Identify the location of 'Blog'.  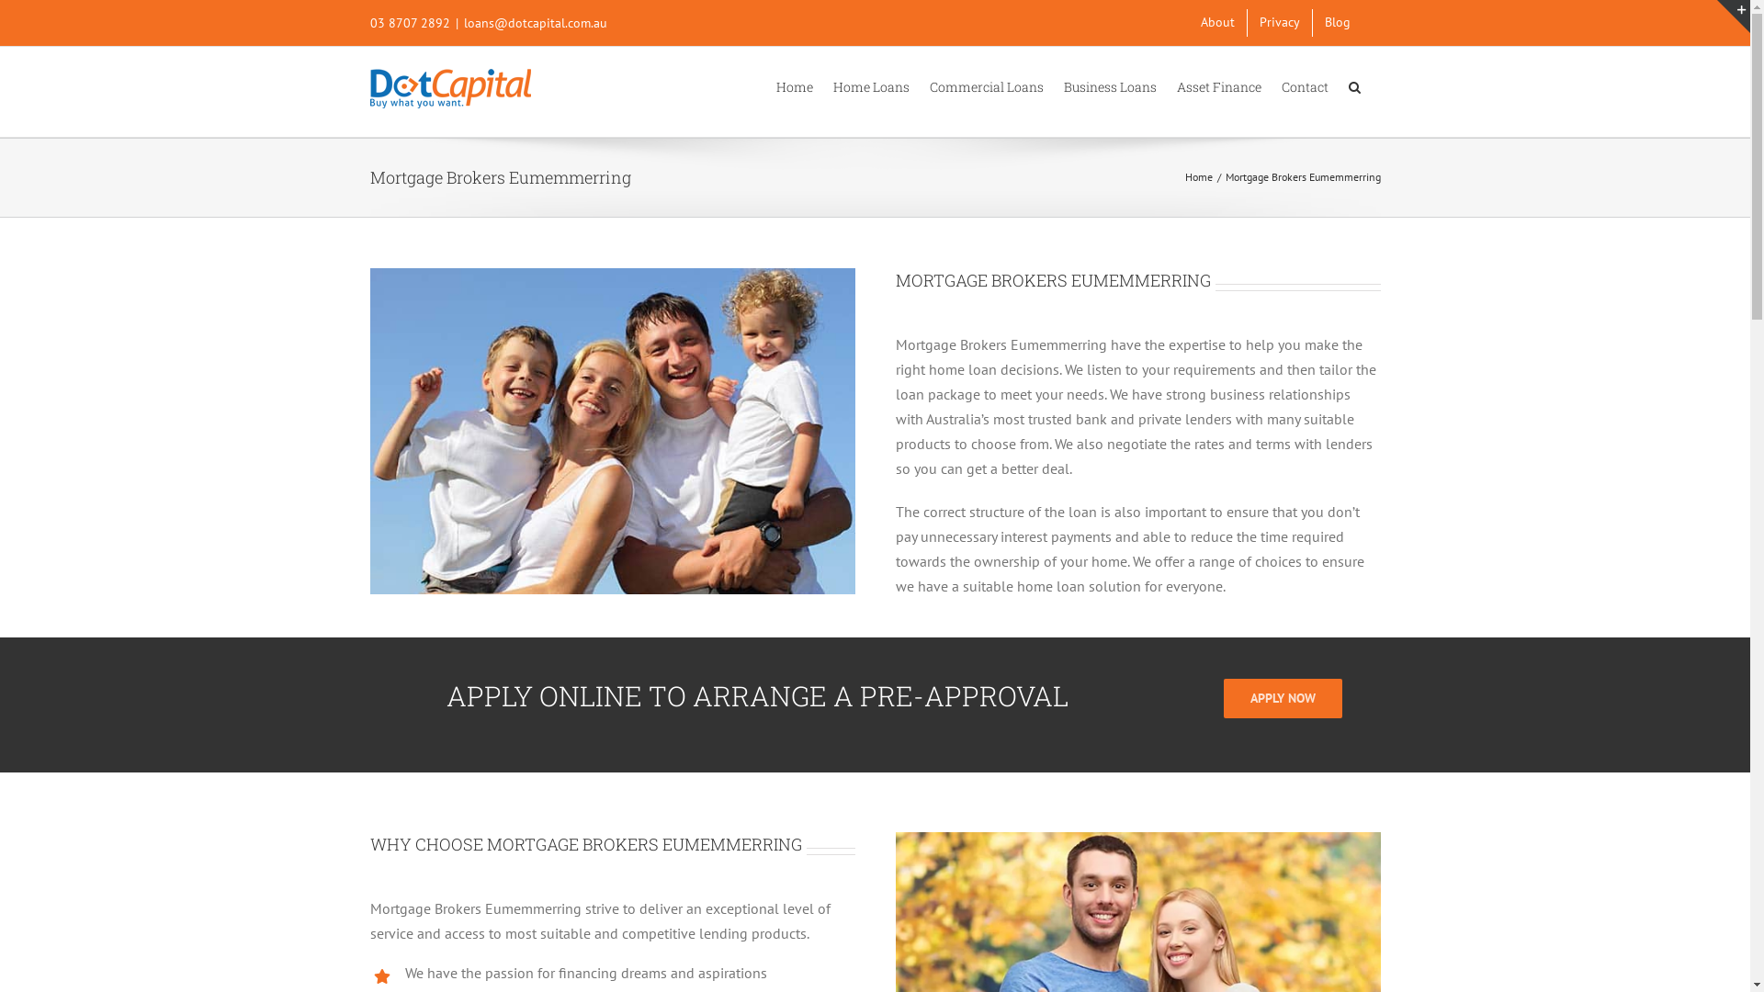
(1336, 22).